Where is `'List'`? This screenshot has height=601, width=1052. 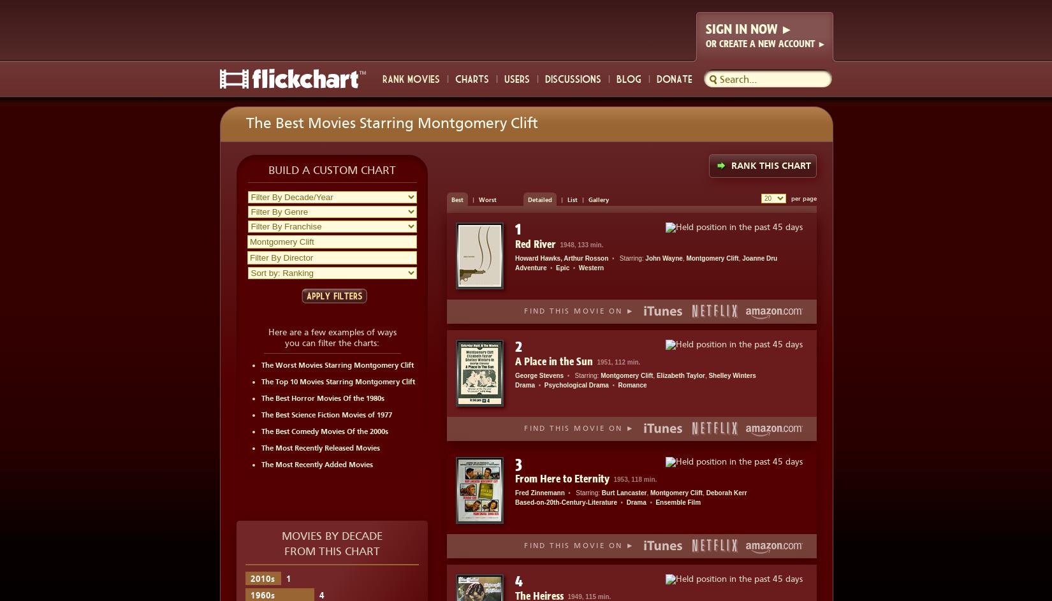
'List' is located at coordinates (572, 199).